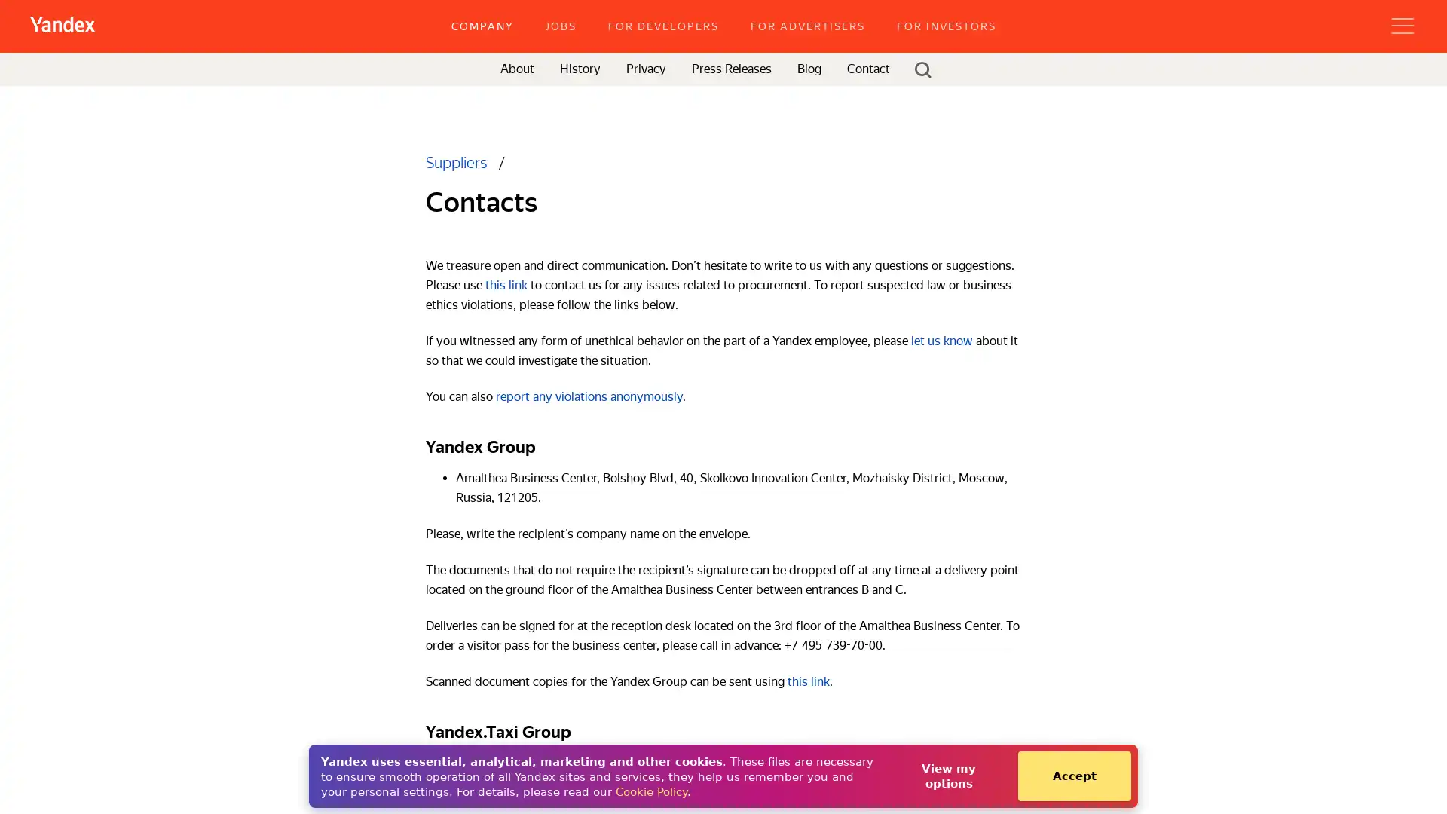  What do you see at coordinates (947, 776) in the screenshot?
I see `View my options` at bounding box center [947, 776].